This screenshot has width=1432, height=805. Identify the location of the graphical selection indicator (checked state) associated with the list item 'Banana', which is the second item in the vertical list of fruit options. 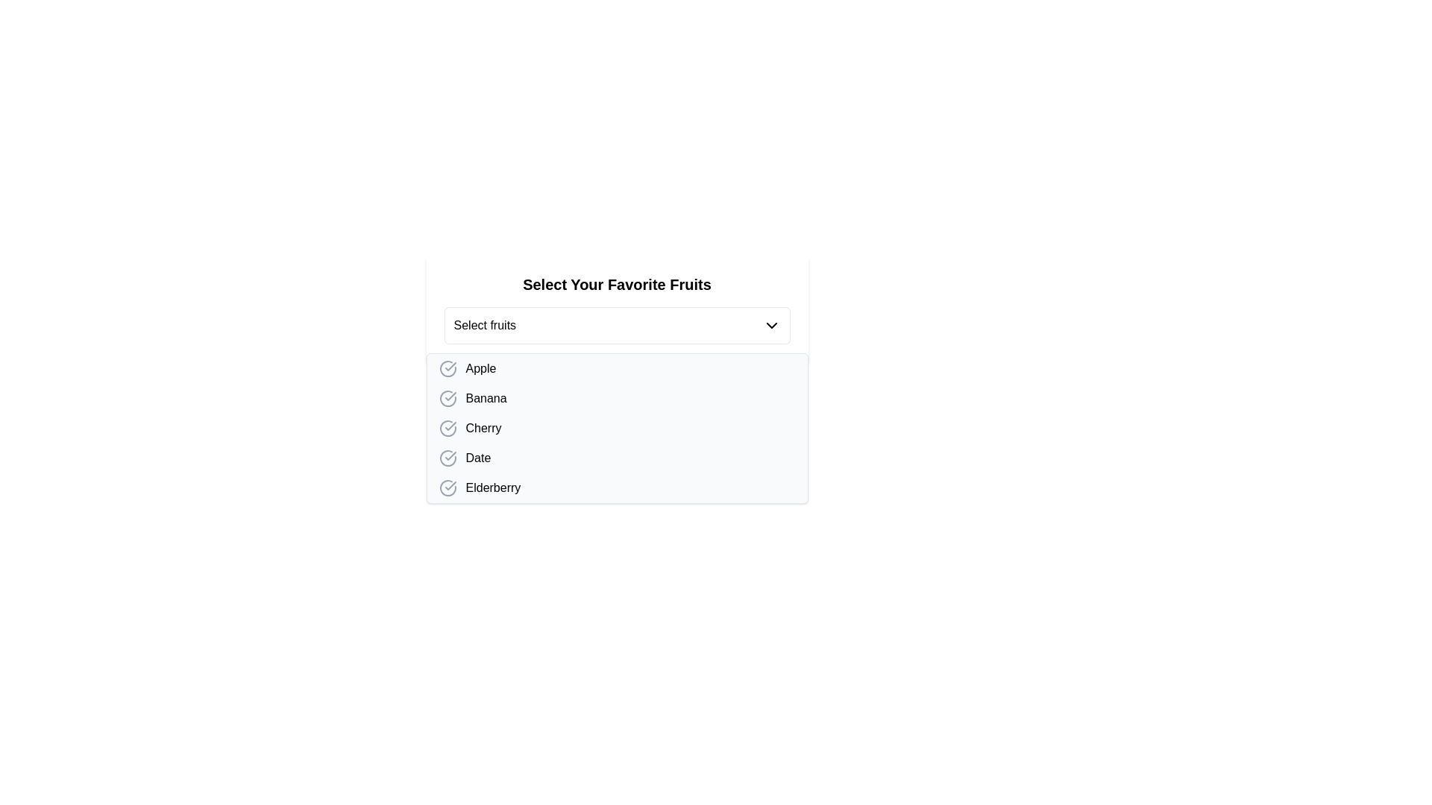
(447, 398).